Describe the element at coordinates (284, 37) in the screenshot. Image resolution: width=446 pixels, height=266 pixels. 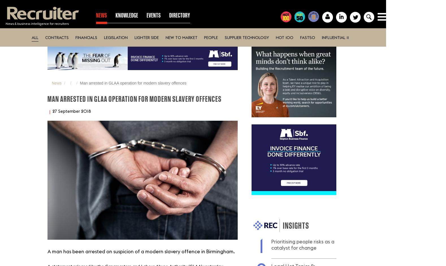
I see `'HOT 100'` at that location.